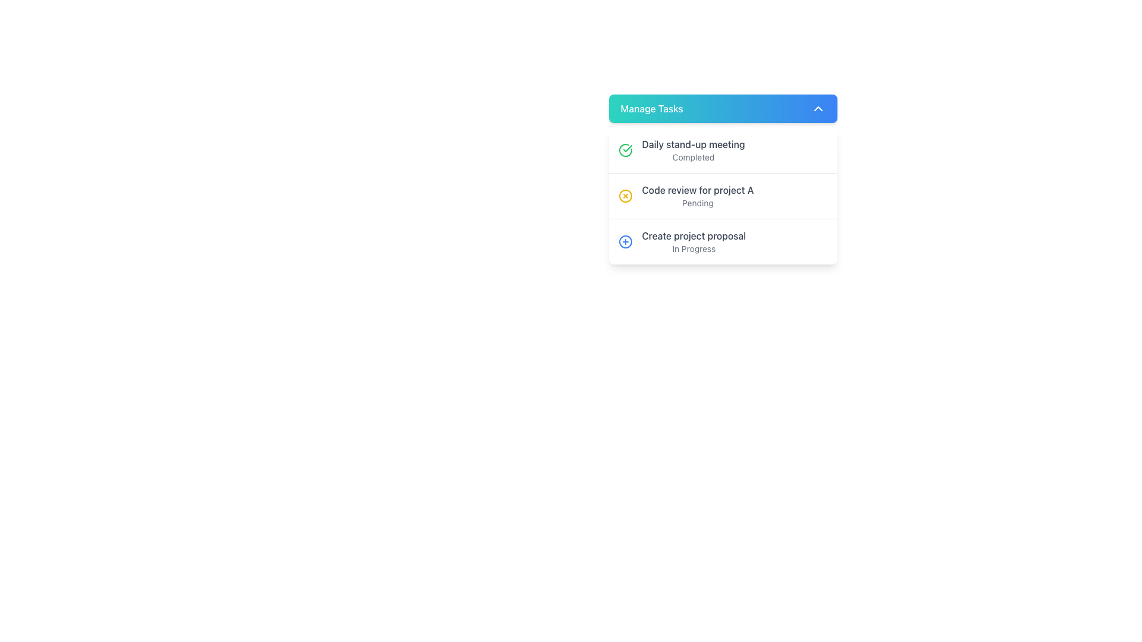  Describe the element at coordinates (698, 196) in the screenshot. I see `text label displaying 'Code review for project A' and 'Pending' located in the second row of the list under 'Manage Tasks'` at that location.